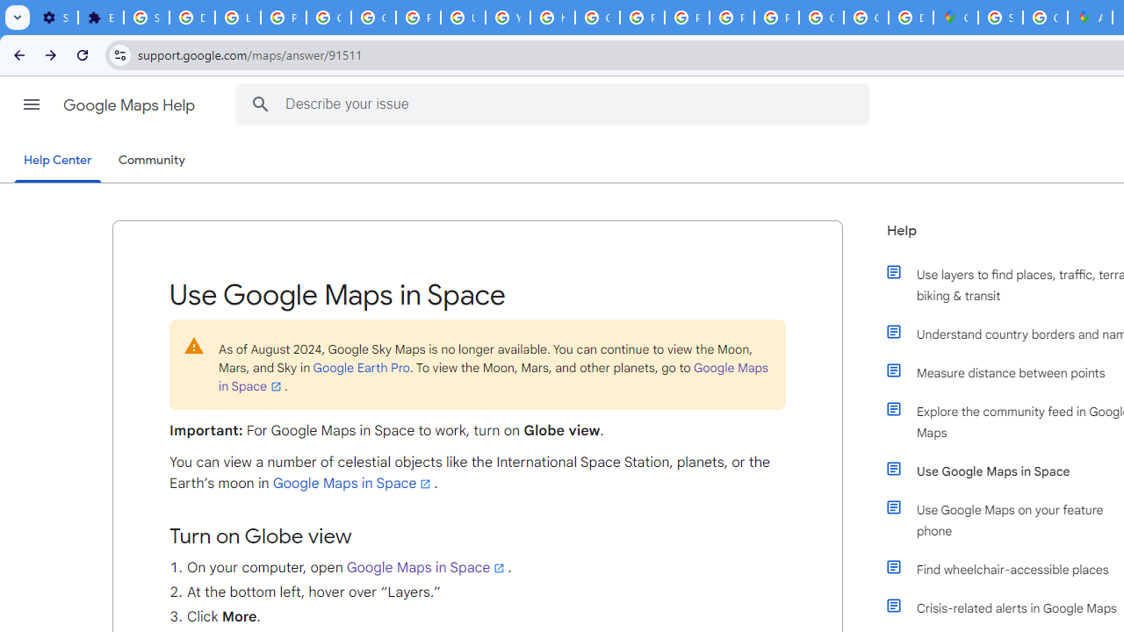 Image resolution: width=1124 pixels, height=632 pixels. What do you see at coordinates (329, 18) in the screenshot?
I see `'Google Account Help'` at bounding box center [329, 18].